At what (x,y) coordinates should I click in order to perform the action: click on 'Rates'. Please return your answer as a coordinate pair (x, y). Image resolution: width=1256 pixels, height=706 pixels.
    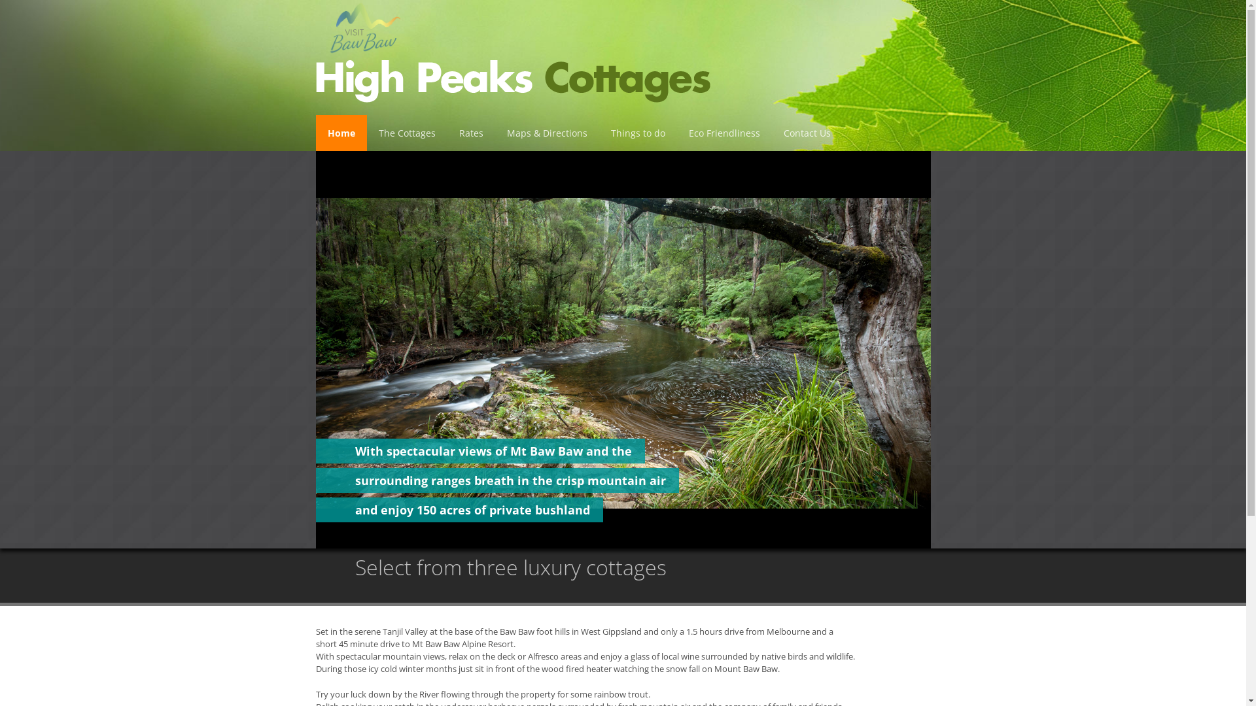
    Looking at the image, I should click on (471, 133).